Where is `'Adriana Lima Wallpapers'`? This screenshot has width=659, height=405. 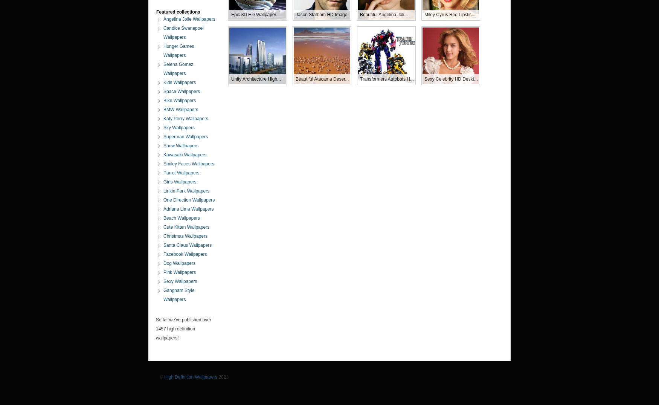 'Adriana Lima Wallpapers' is located at coordinates (163, 209).